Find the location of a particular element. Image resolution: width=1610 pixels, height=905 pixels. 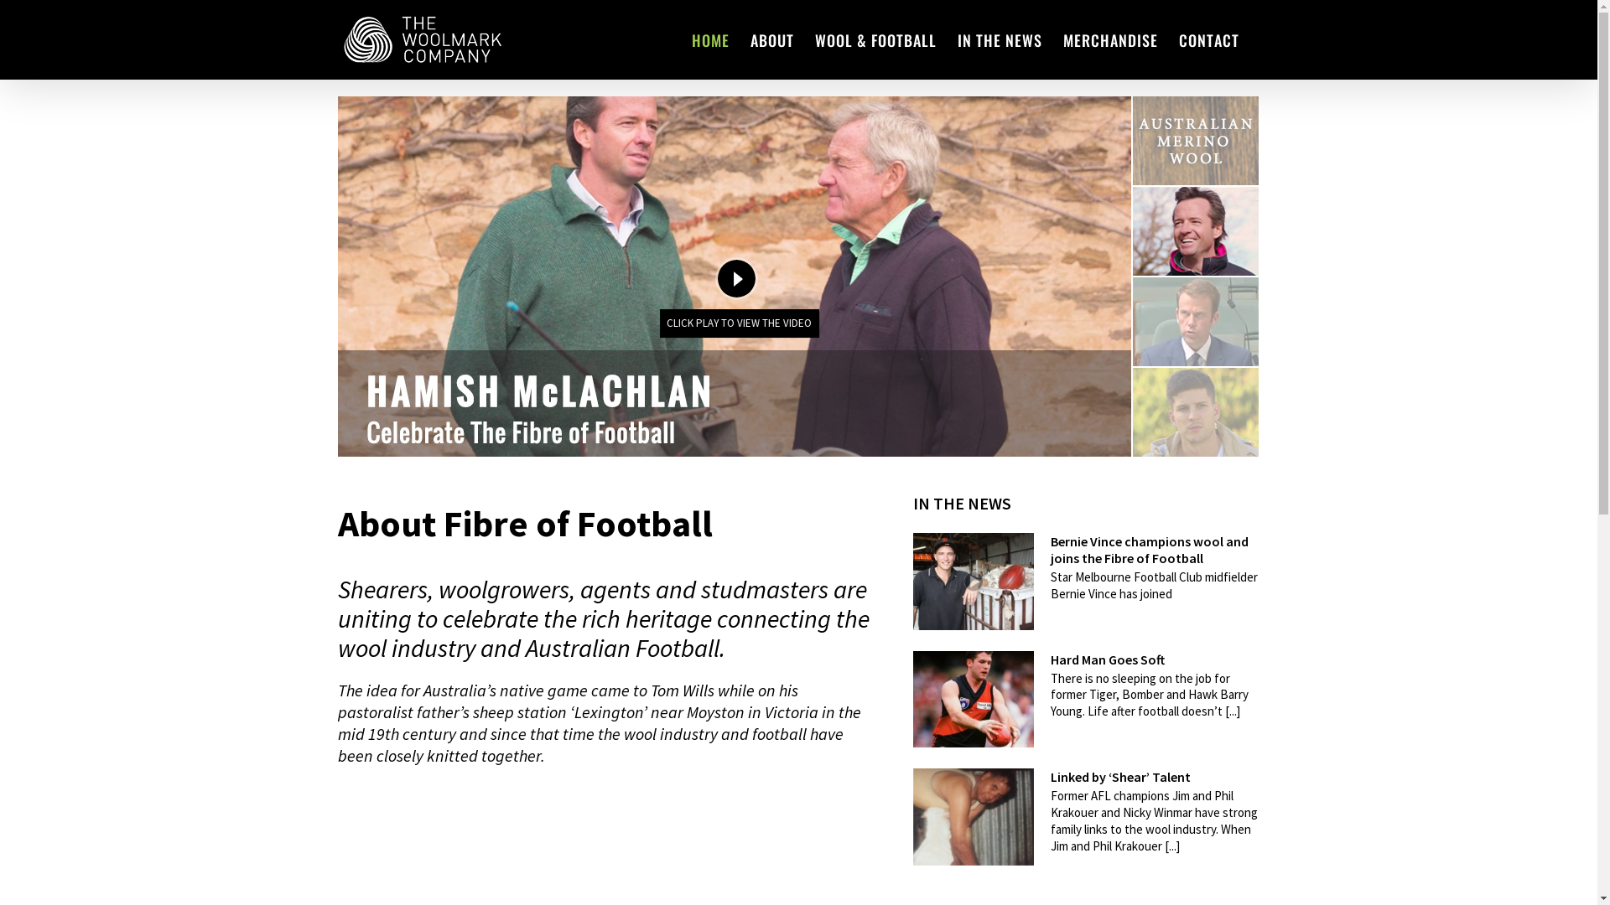

'HOME' is located at coordinates (709, 39).